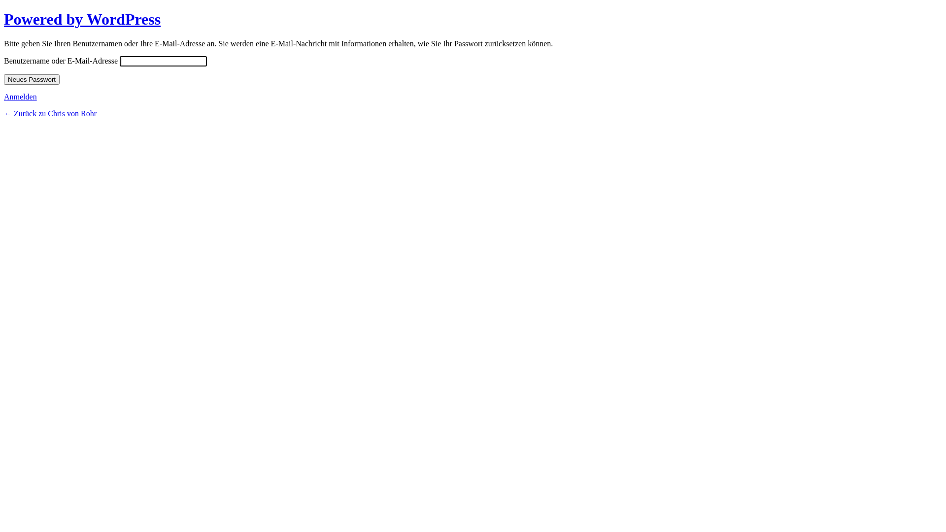 The height and width of the screenshot is (532, 946). What do you see at coordinates (82, 19) in the screenshot?
I see `'Powered by WordPress'` at bounding box center [82, 19].